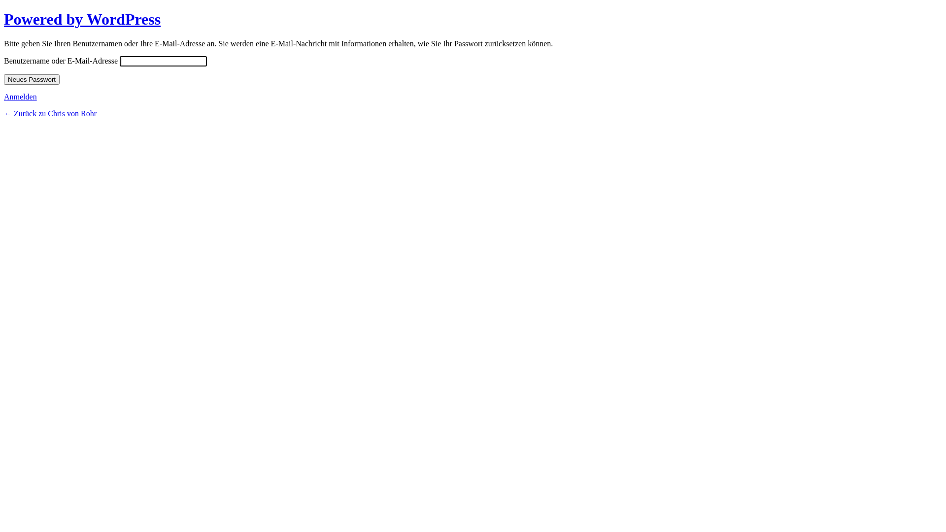 The height and width of the screenshot is (532, 946). What do you see at coordinates (82, 19) in the screenshot?
I see `'Powered by WordPress'` at bounding box center [82, 19].